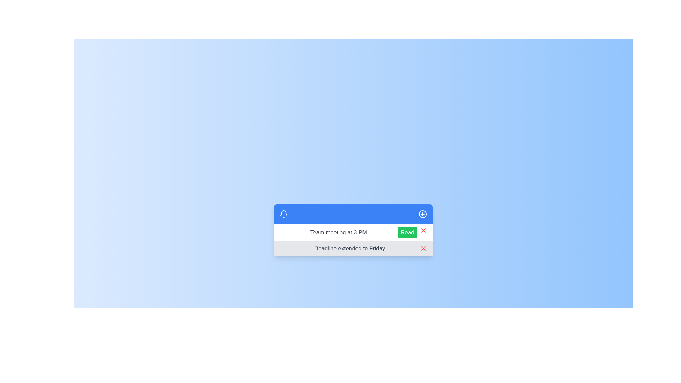 This screenshot has height=383, width=681. What do you see at coordinates (349, 248) in the screenshot?
I see `the static text label that indicates an update or deprecated deadline, which is styled with a strikethrough and located in the lower row of the notification panel, adjacent to a red dismiss button` at bounding box center [349, 248].